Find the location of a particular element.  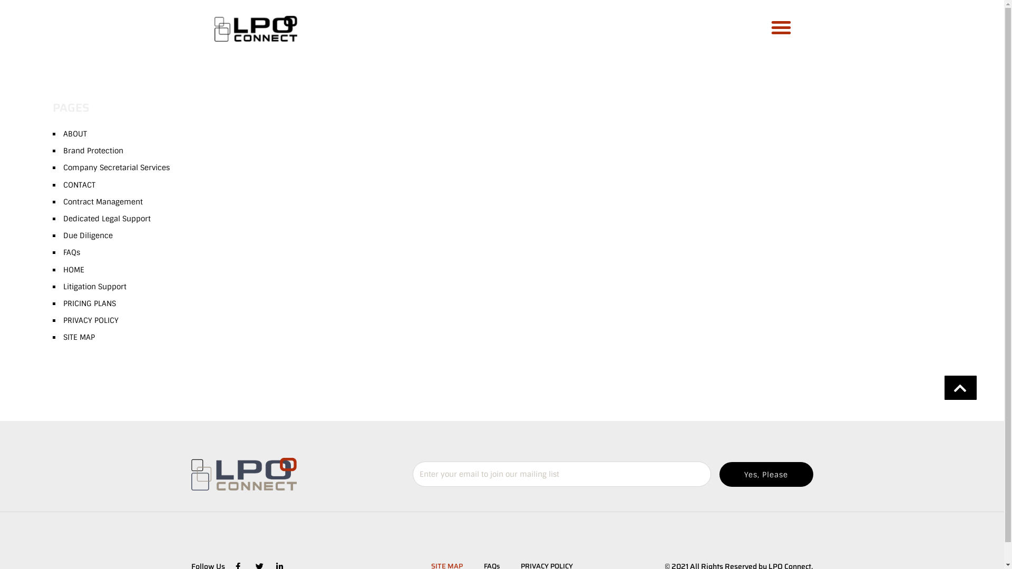

'FAQs' is located at coordinates (71, 252).